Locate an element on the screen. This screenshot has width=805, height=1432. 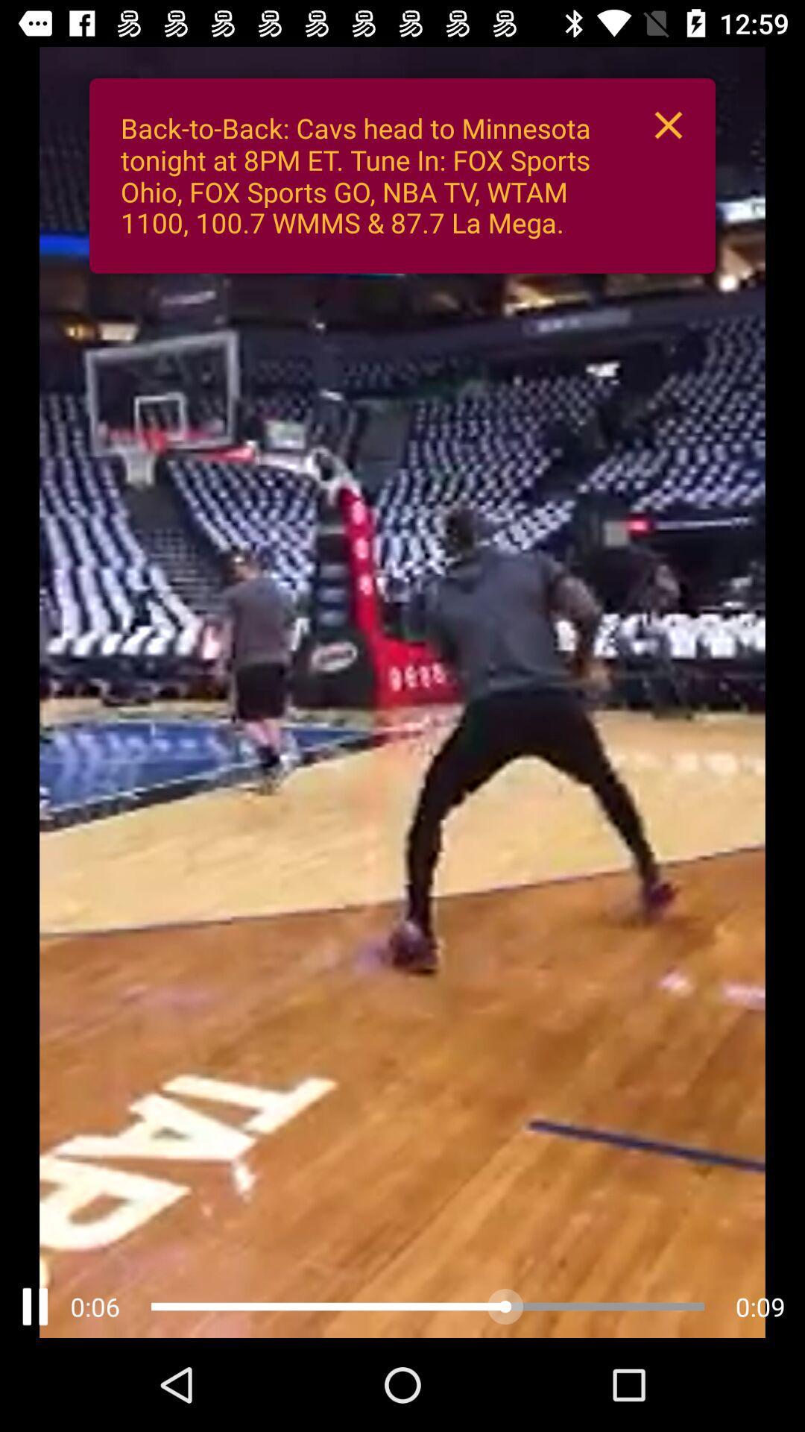
the pause icon is located at coordinates (34, 1306).